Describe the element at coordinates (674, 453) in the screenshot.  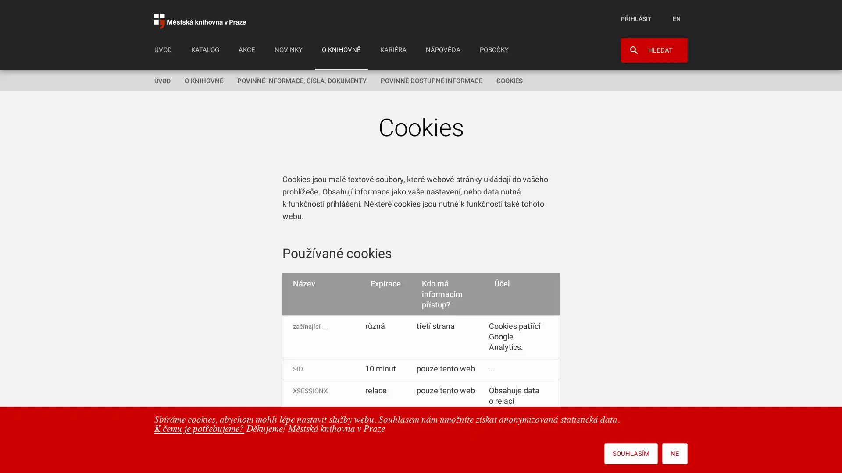
I see `NE` at that location.